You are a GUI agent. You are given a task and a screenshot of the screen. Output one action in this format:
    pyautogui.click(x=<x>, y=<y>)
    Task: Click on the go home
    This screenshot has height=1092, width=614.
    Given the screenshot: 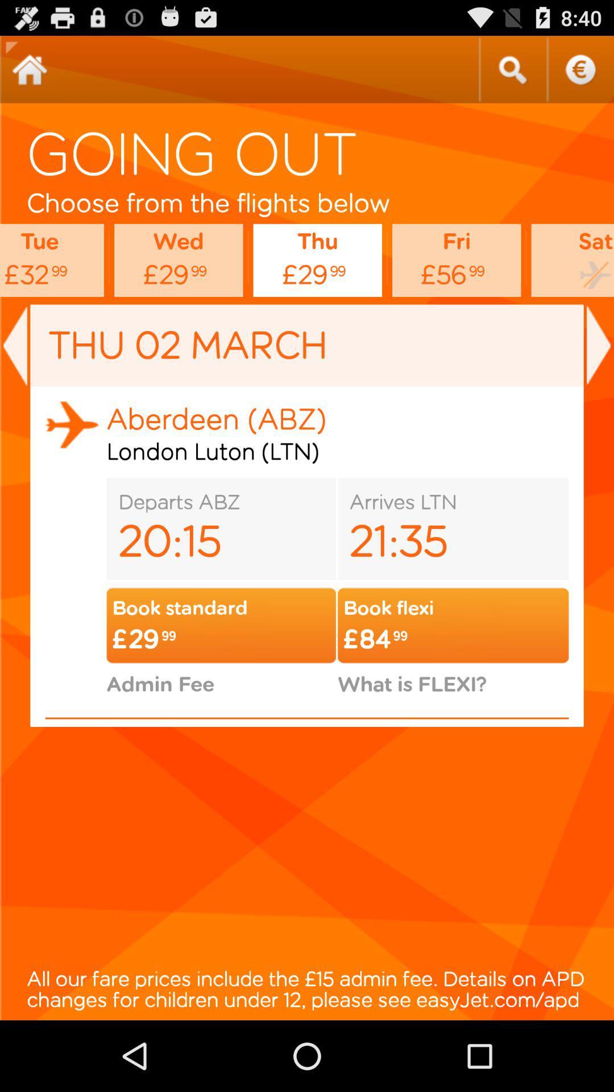 What is the action you would take?
    pyautogui.click(x=29, y=69)
    